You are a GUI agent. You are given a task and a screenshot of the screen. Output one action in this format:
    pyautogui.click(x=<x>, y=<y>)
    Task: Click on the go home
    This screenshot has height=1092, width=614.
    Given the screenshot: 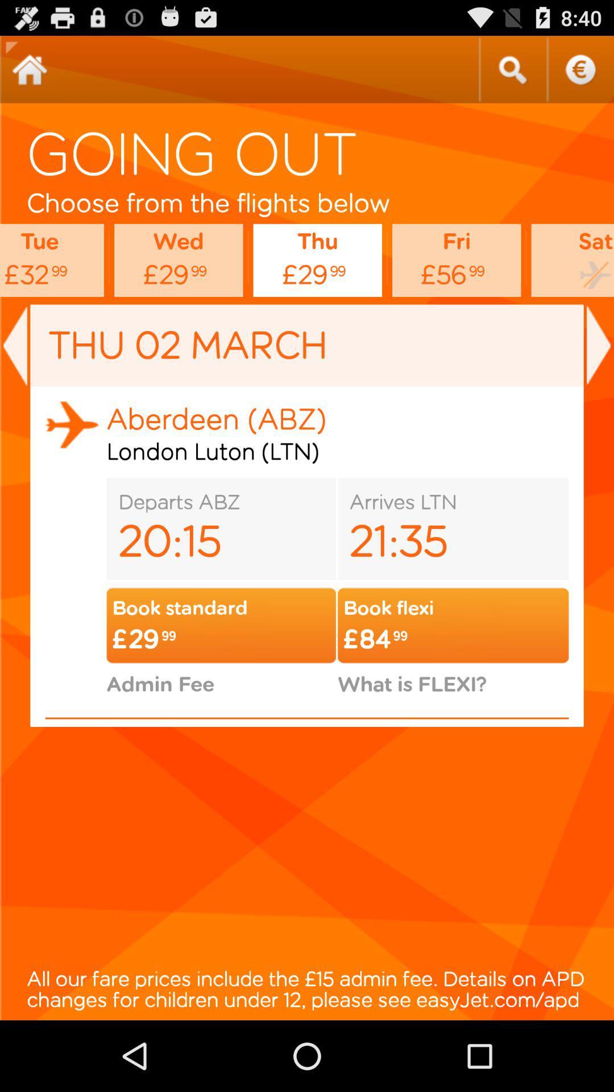 What is the action you would take?
    pyautogui.click(x=29, y=69)
    